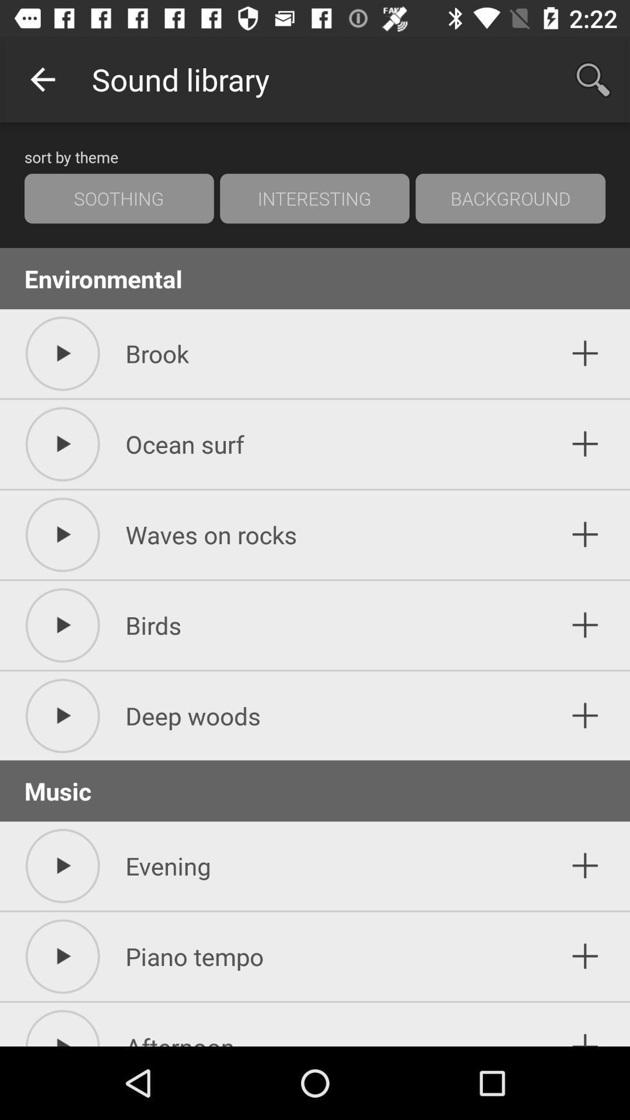 Image resolution: width=630 pixels, height=1120 pixels. Describe the element at coordinates (585, 534) in the screenshot. I see `to list` at that location.